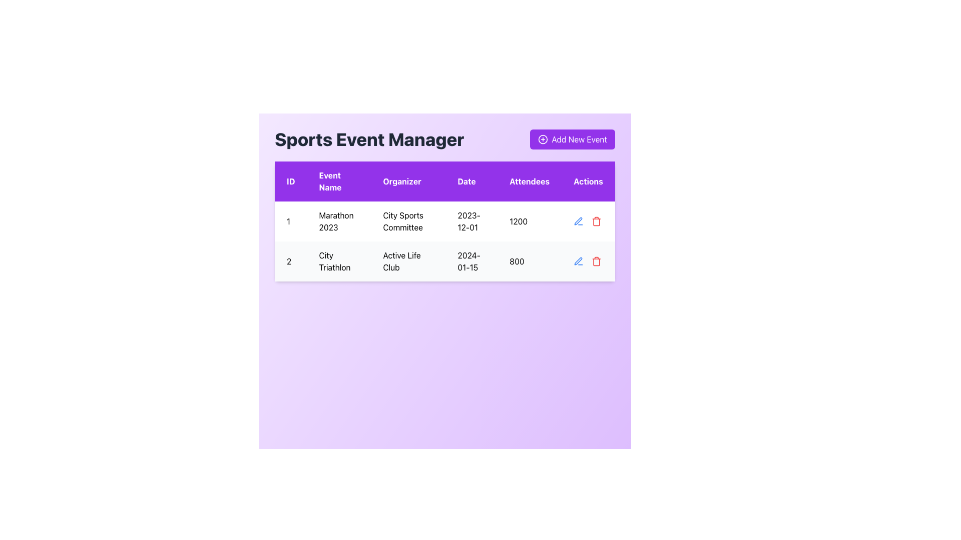 The width and height of the screenshot is (961, 540). I want to click on text of the table header element (th) labeled 'ID' which is the first column header in a data table, so click(290, 181).